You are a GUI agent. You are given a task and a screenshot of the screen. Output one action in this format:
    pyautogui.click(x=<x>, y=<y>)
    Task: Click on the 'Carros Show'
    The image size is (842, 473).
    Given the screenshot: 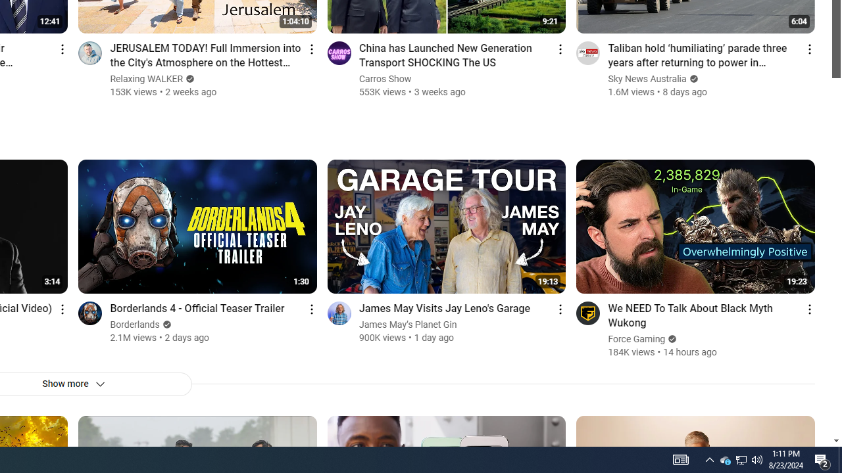 What is the action you would take?
    pyautogui.click(x=385, y=79)
    